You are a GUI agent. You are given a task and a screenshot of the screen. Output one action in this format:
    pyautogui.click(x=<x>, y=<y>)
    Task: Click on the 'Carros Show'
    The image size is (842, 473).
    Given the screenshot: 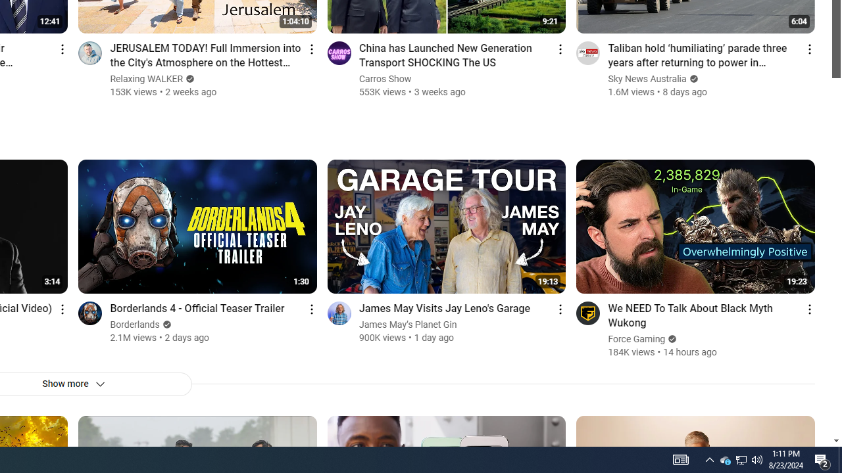 What is the action you would take?
    pyautogui.click(x=385, y=79)
    